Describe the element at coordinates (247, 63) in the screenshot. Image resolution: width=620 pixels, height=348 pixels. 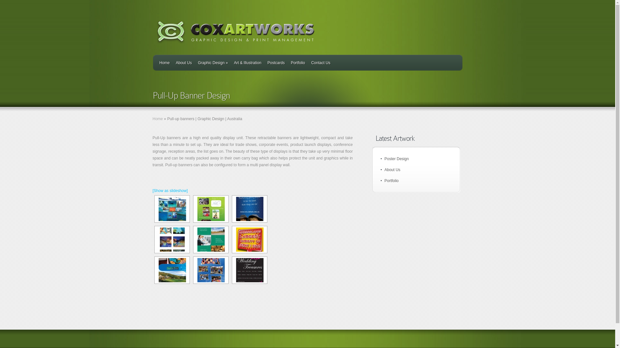
I see `'Art & Illustration'` at that location.